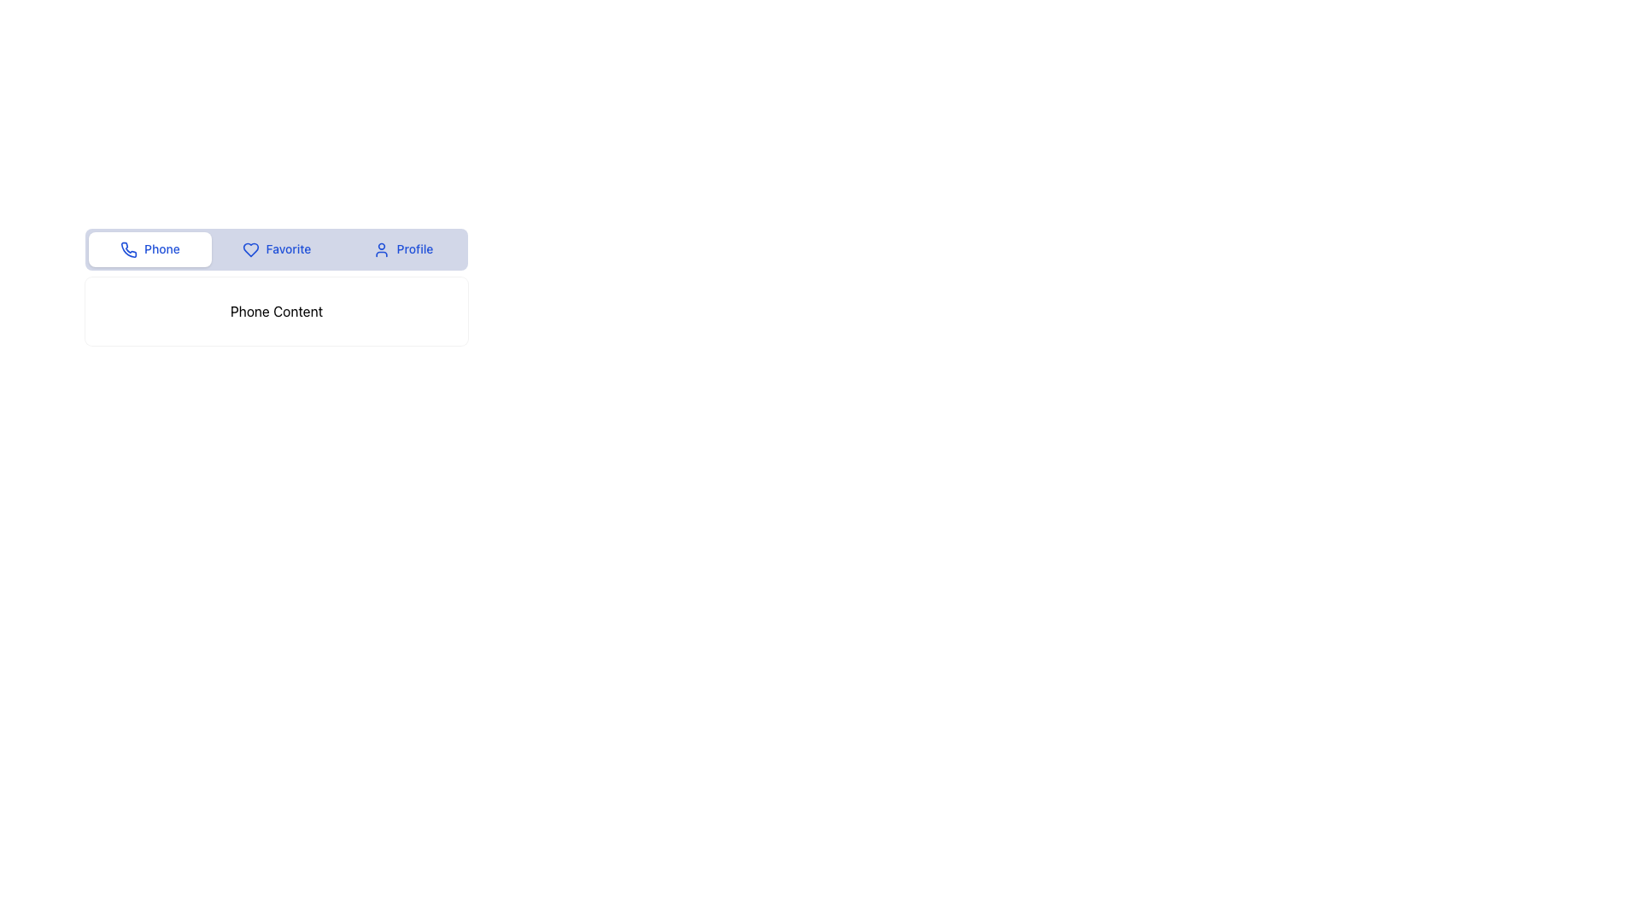  I want to click on the heart-shaped icon with an outlined design located within the 'Favorite' tab, which is the second tab from the left in the horizontal tab list, so click(249, 250).